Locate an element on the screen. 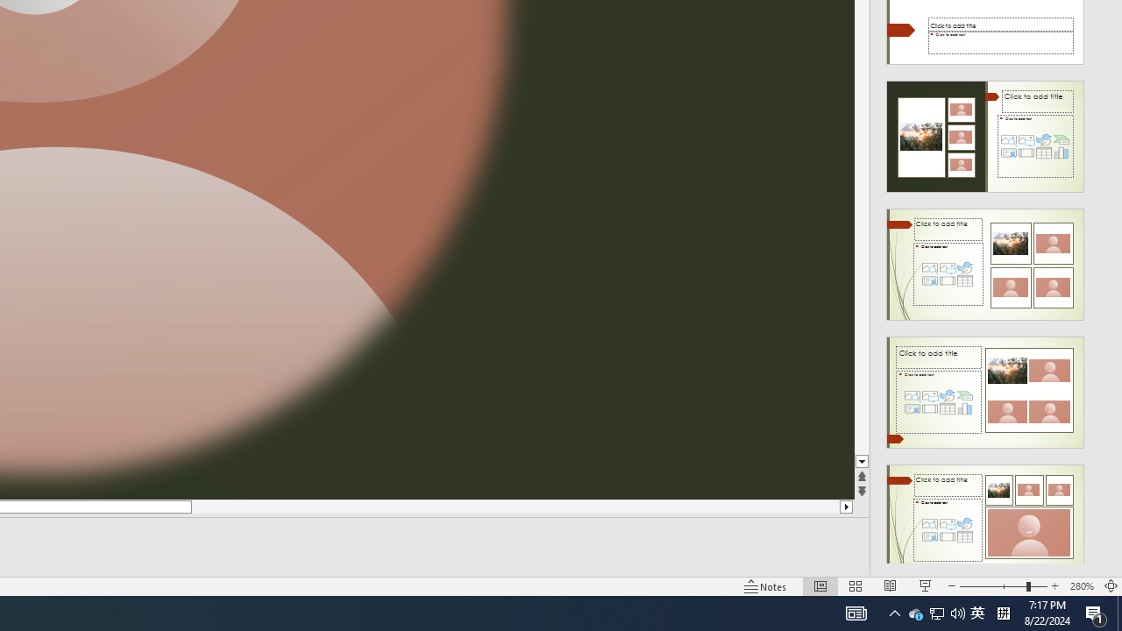 The width and height of the screenshot is (1122, 631). 'Reading View' is located at coordinates (890, 586).